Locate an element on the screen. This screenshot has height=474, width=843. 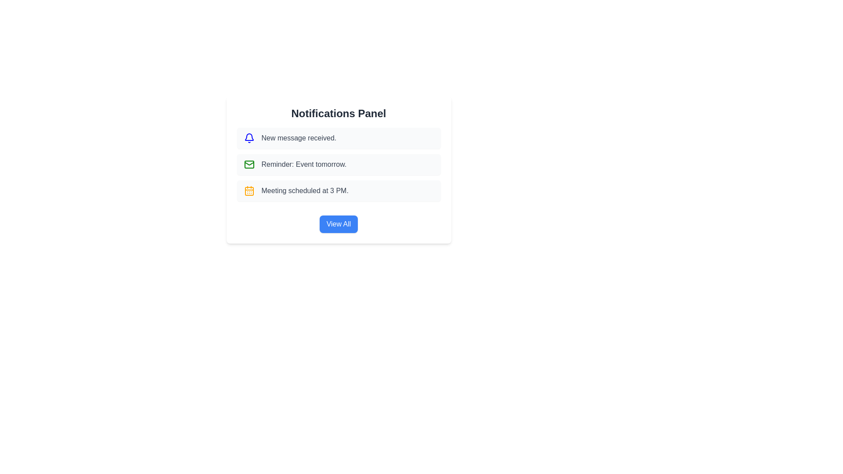
text label that provides information about a new message received by the user, positioned in the middle left region of the Notifications Panel, right of the bell icon is located at coordinates (299, 138).